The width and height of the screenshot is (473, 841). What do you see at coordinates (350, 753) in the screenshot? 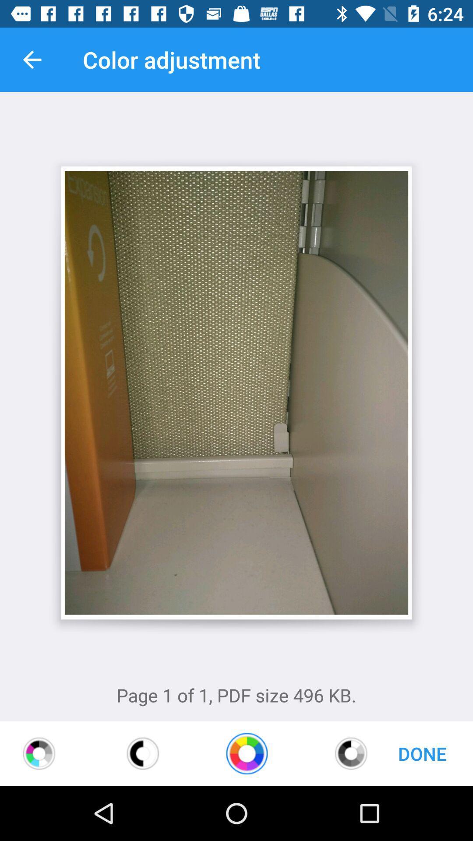
I see `item next to done` at bounding box center [350, 753].